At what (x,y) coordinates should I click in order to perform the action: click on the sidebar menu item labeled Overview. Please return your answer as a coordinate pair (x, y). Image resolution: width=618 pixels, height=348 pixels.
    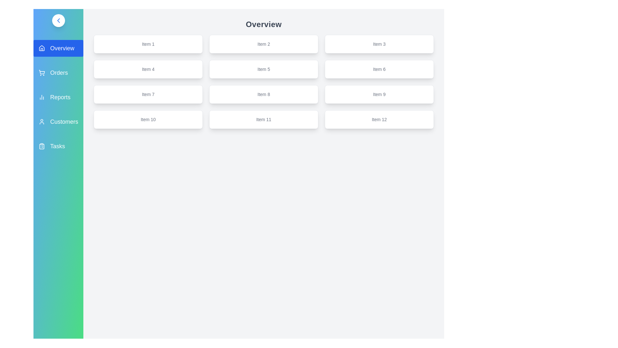
    Looking at the image, I should click on (58, 48).